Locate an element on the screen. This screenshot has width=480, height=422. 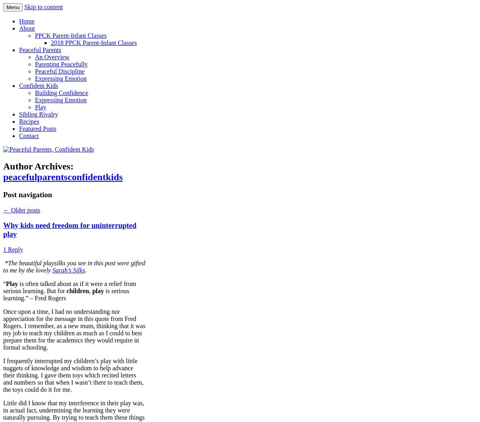
'Peaceful Parents' is located at coordinates (39, 50).